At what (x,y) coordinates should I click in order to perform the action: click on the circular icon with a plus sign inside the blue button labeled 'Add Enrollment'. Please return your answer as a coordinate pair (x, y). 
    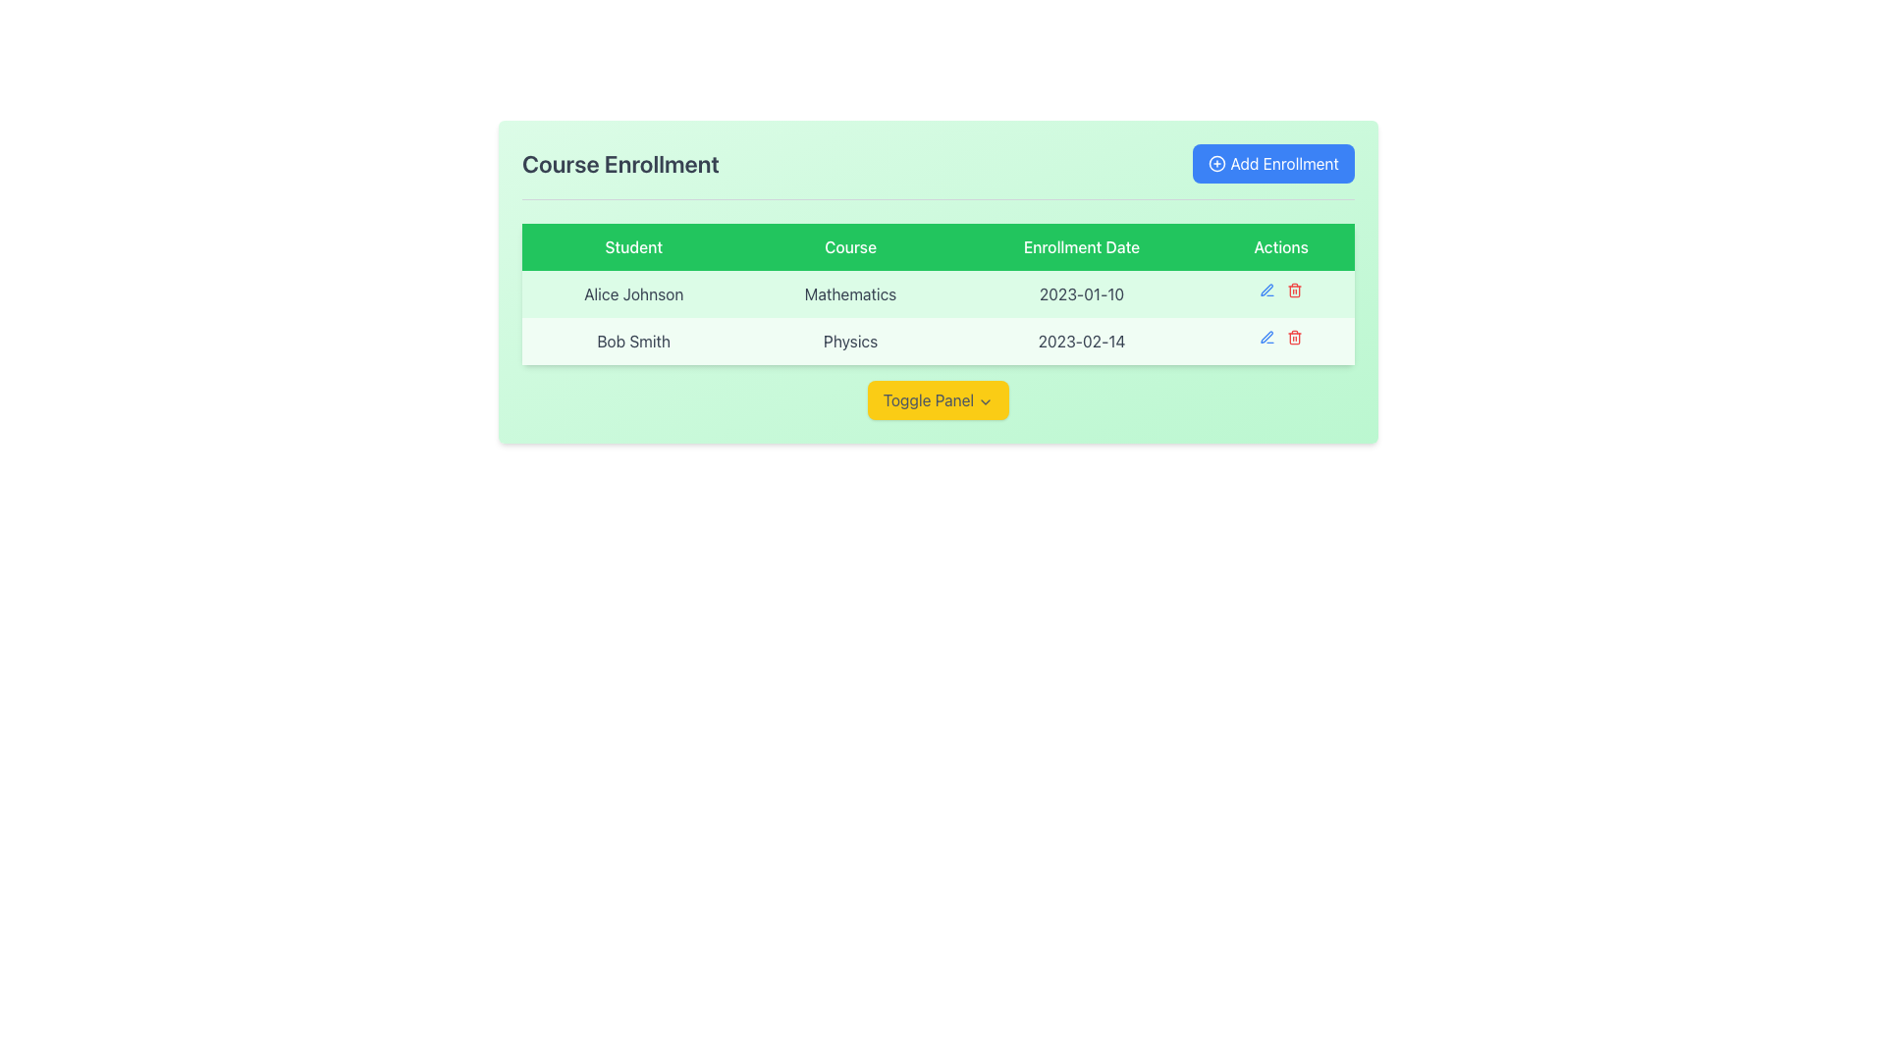
    Looking at the image, I should click on (1216, 162).